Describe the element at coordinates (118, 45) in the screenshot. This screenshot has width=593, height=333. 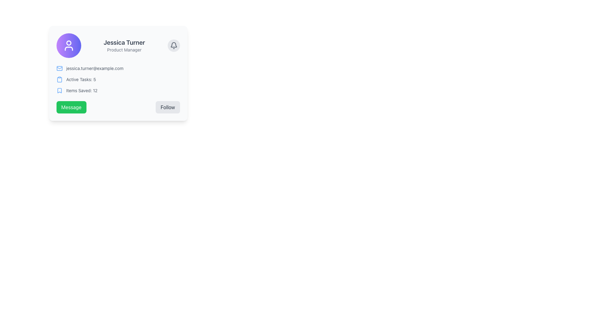
I see `the user's name 'Jessica Turner' in the Informational header section` at that location.